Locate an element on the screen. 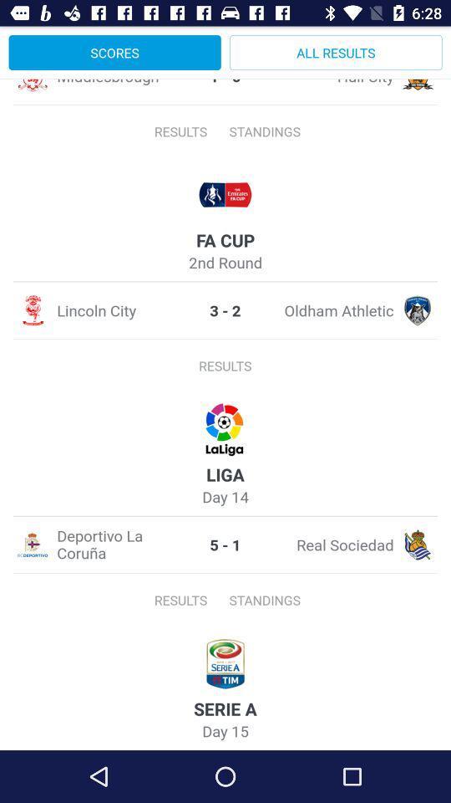 This screenshot has height=803, width=451. the item next to the scores item is located at coordinates (336, 52).